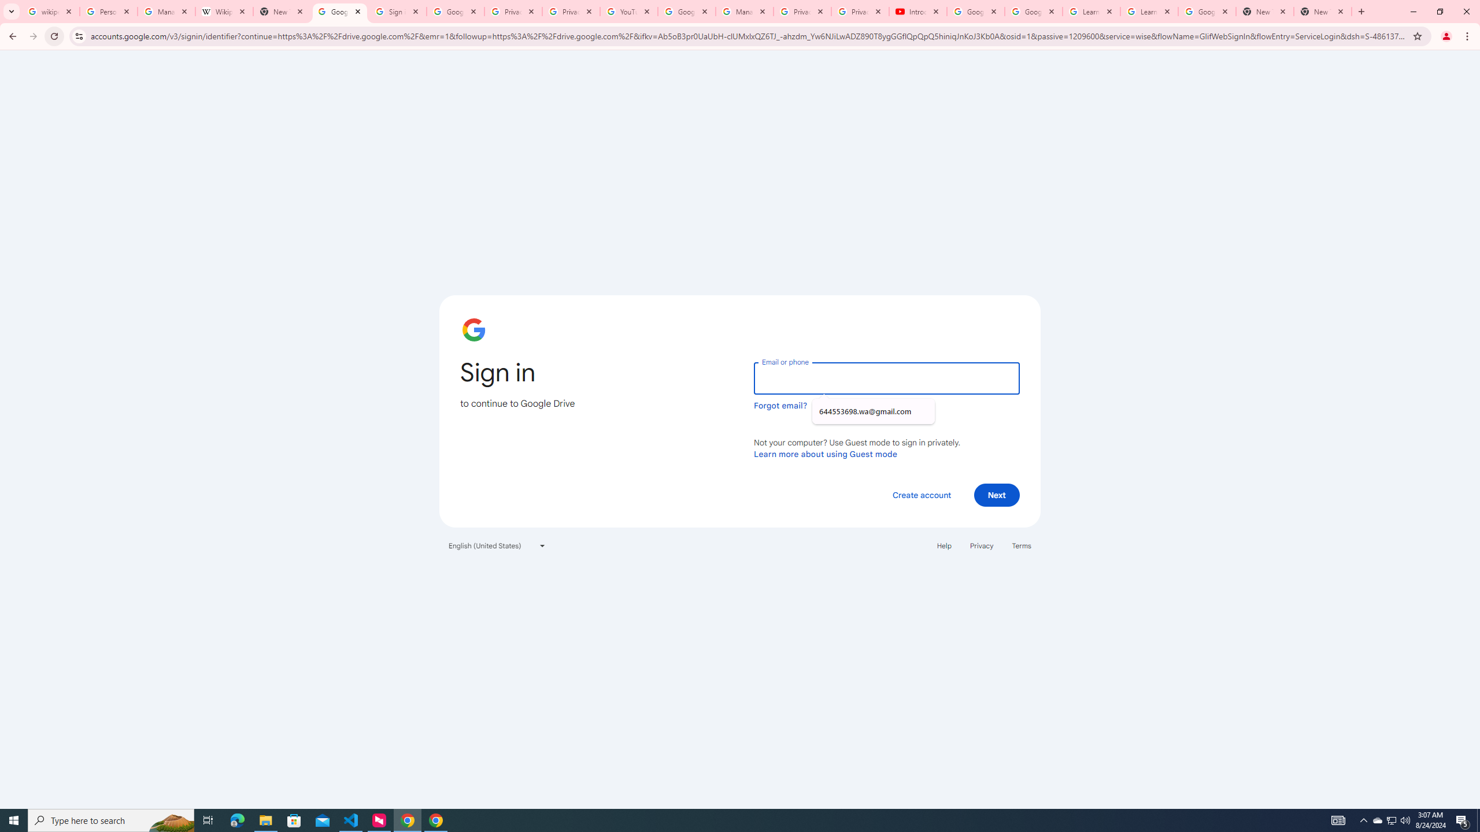  What do you see at coordinates (166, 11) in the screenshot?
I see `'Manage your Location History - Google Search Help'` at bounding box center [166, 11].